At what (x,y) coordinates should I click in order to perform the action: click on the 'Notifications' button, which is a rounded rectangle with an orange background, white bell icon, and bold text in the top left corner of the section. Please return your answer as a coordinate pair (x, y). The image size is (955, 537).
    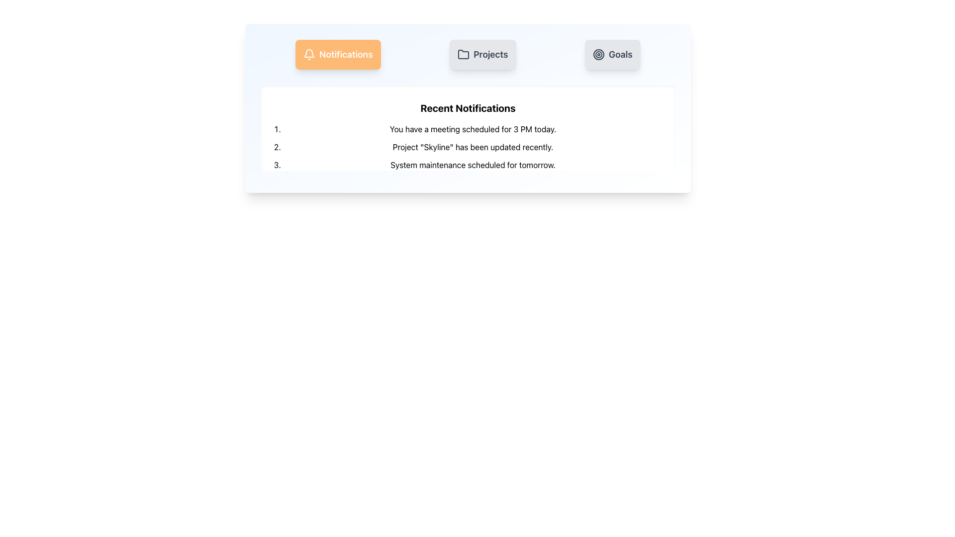
    Looking at the image, I should click on (338, 55).